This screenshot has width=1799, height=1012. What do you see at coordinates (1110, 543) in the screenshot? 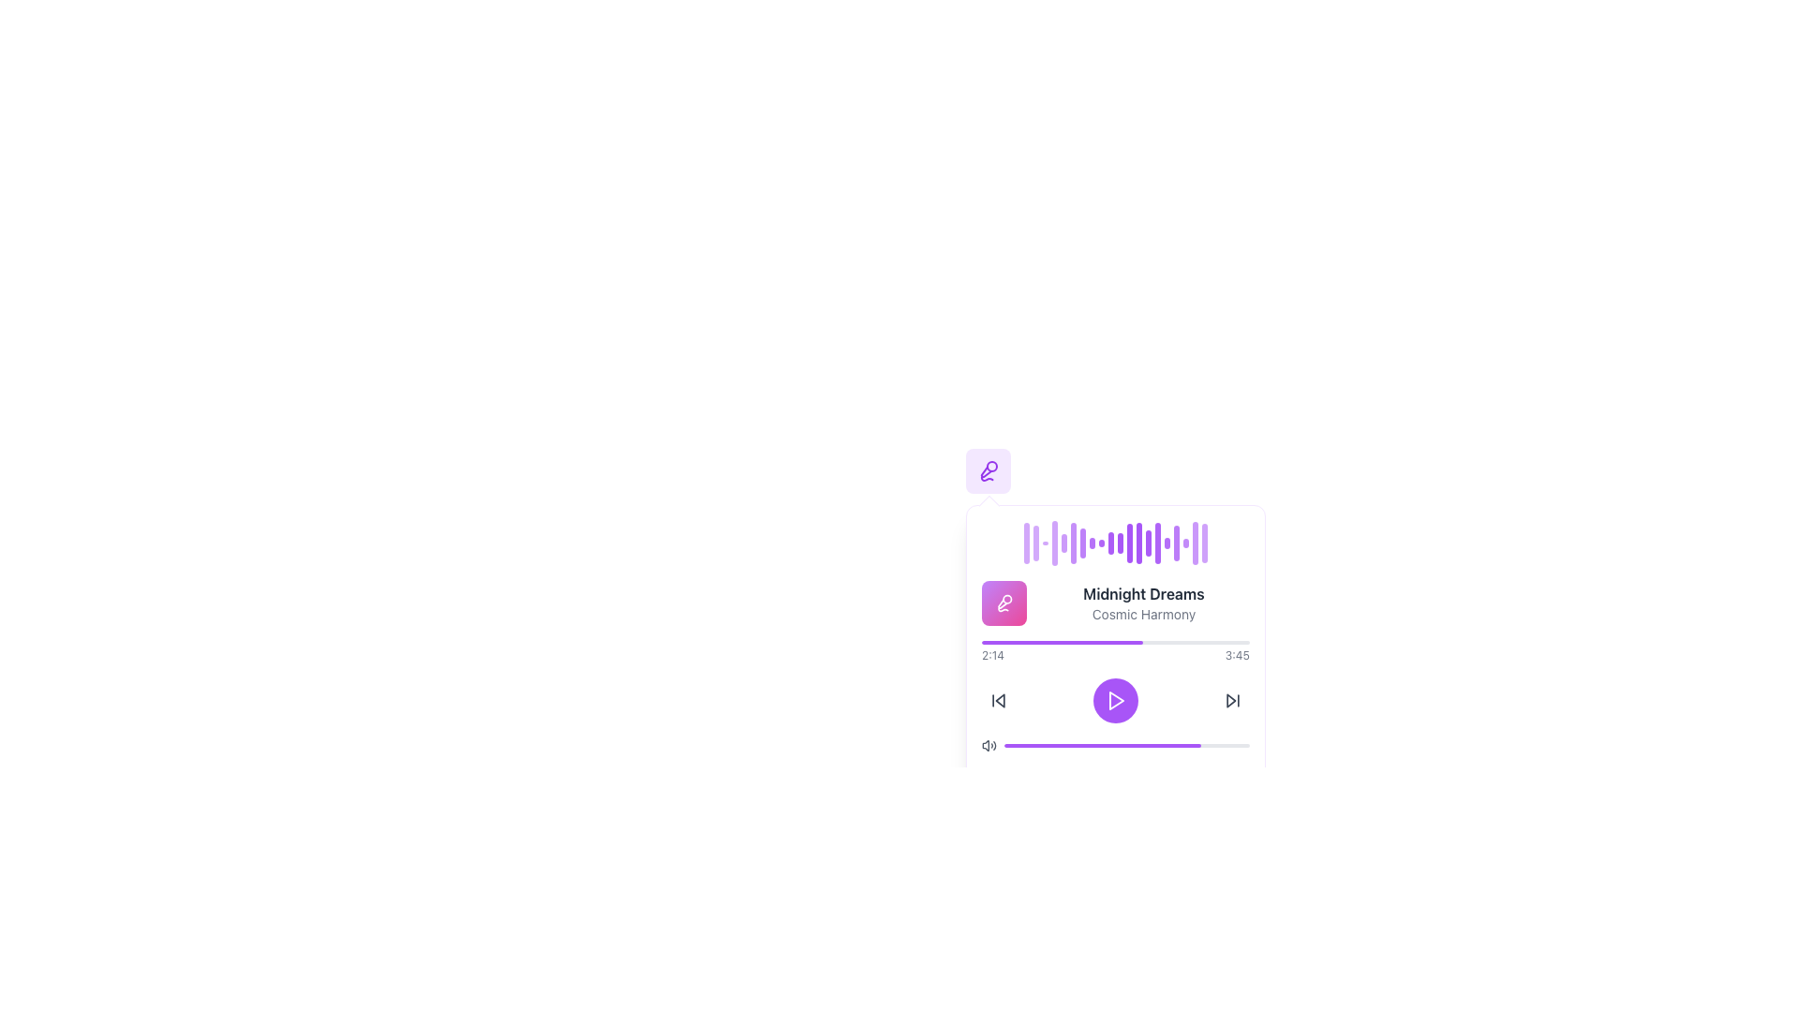
I see `the tenth vertical purple bar with a rounded end in the waveform-like display` at bounding box center [1110, 543].